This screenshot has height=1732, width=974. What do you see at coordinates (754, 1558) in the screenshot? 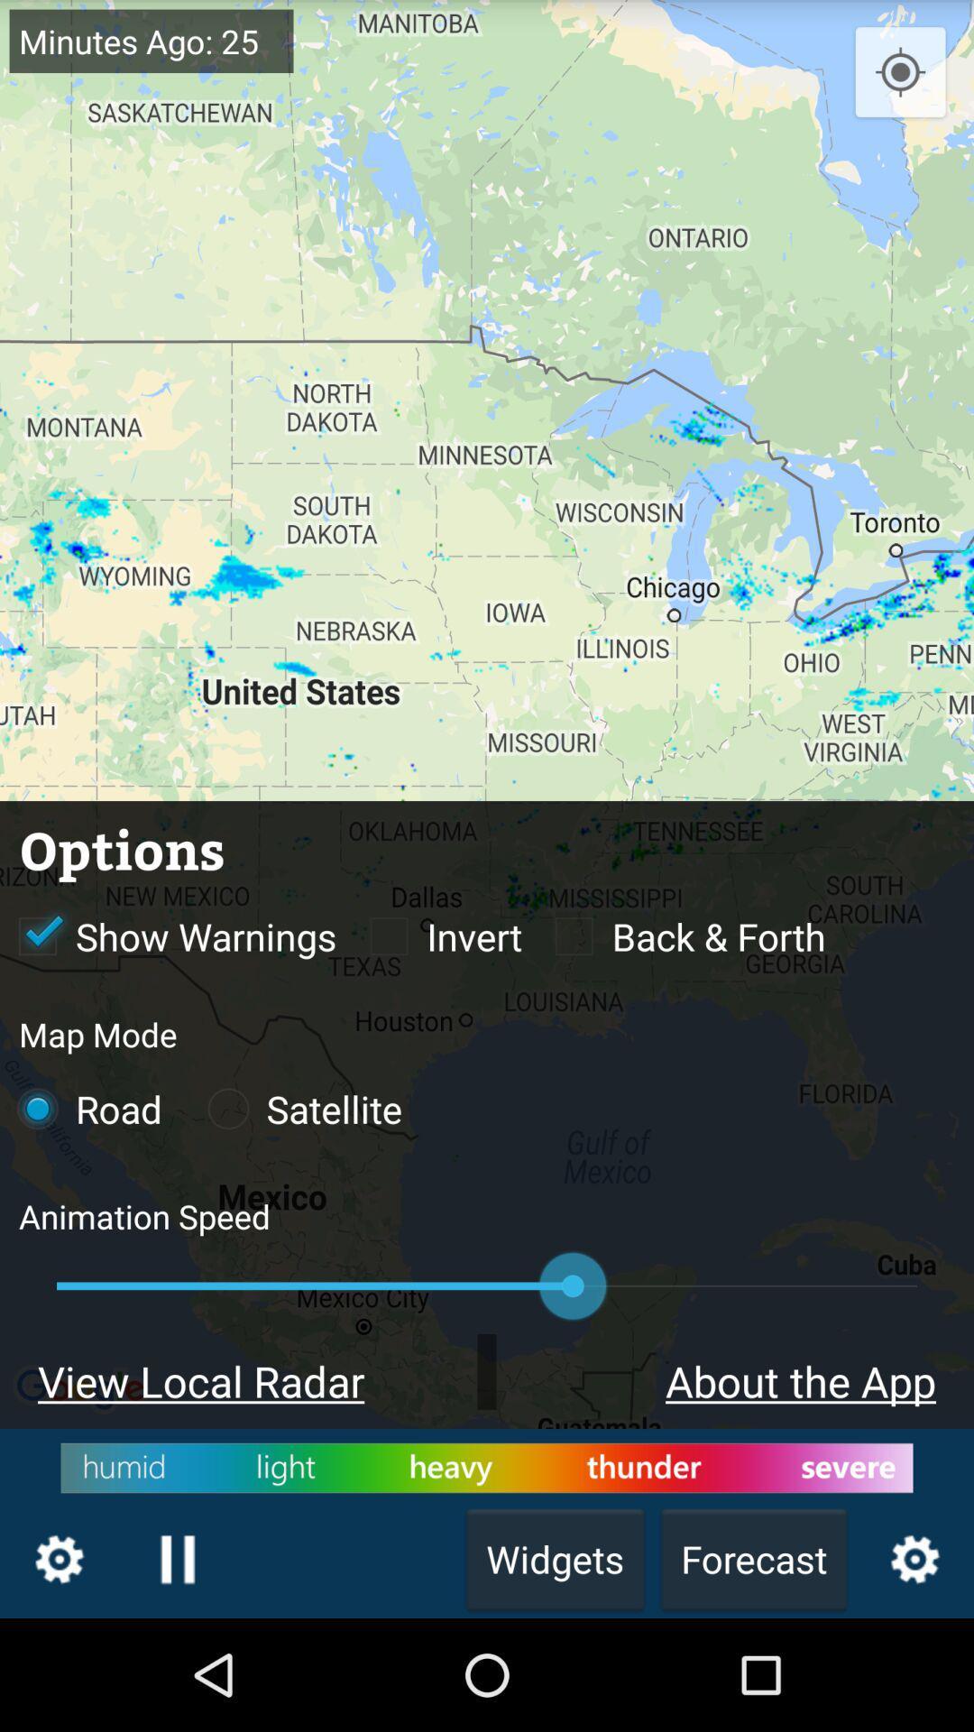
I see `the text forecast` at bounding box center [754, 1558].